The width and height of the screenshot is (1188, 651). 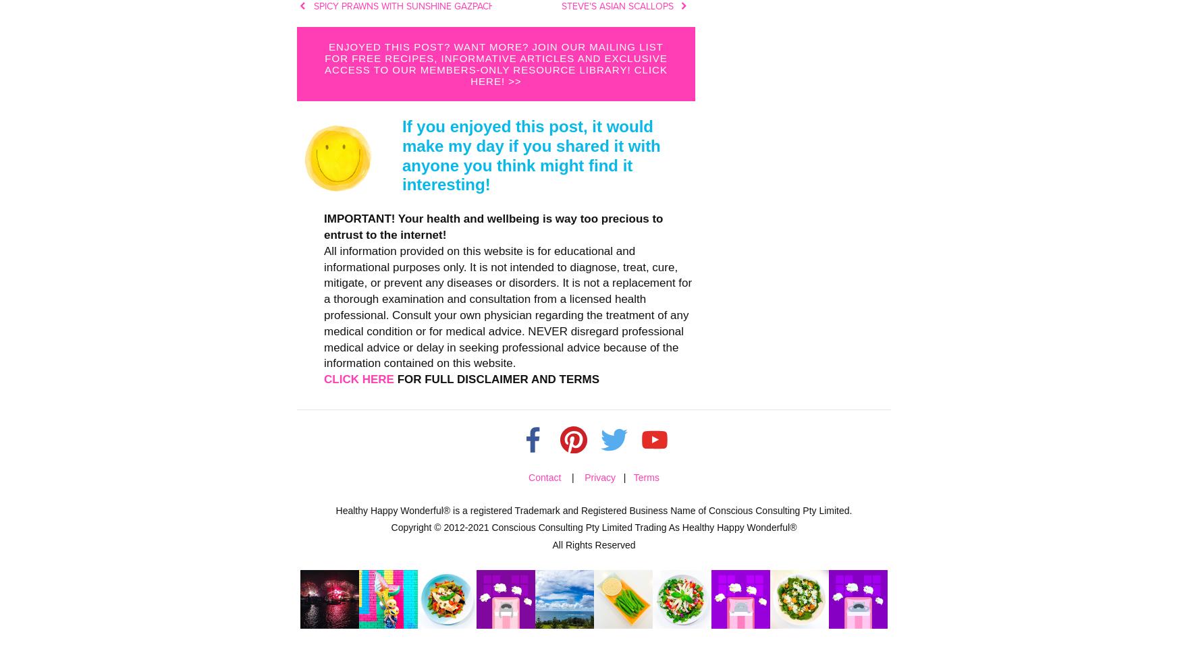 I want to click on 'Contact', so click(x=543, y=478).